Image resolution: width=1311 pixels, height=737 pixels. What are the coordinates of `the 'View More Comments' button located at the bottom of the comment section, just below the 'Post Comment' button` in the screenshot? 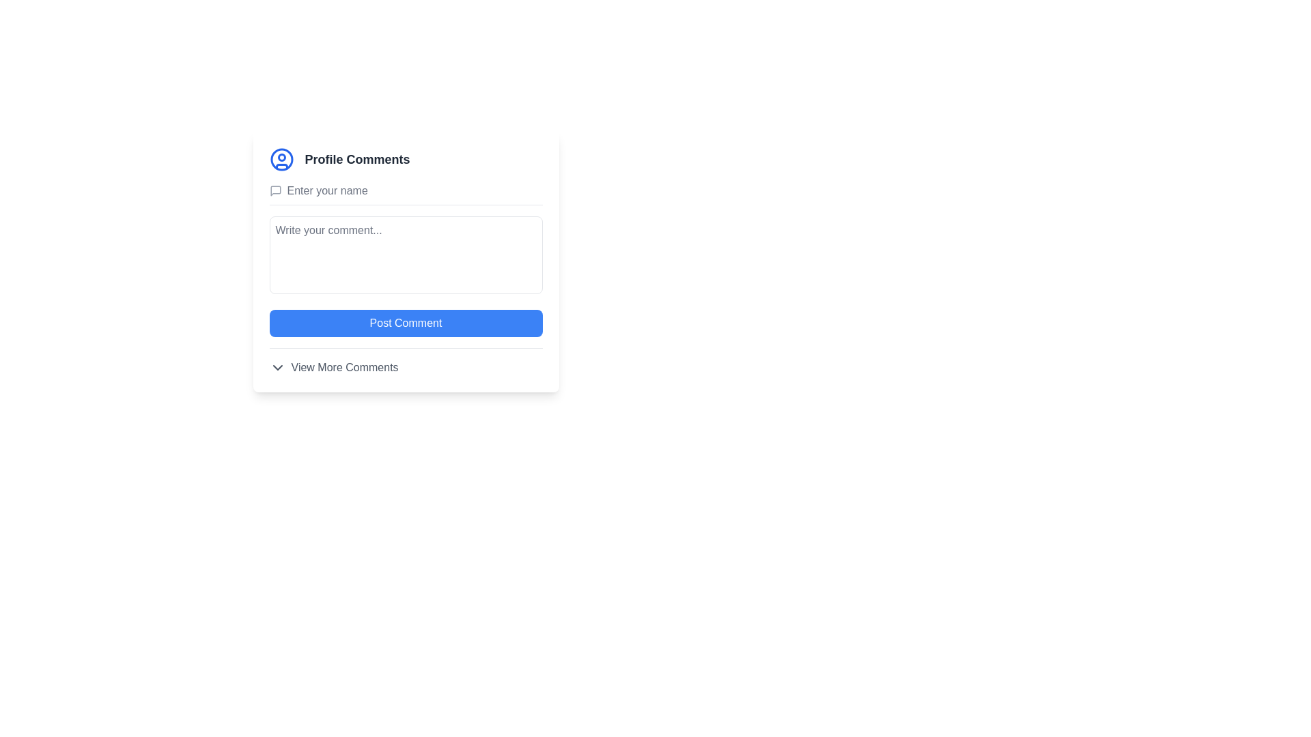 It's located at (405, 361).